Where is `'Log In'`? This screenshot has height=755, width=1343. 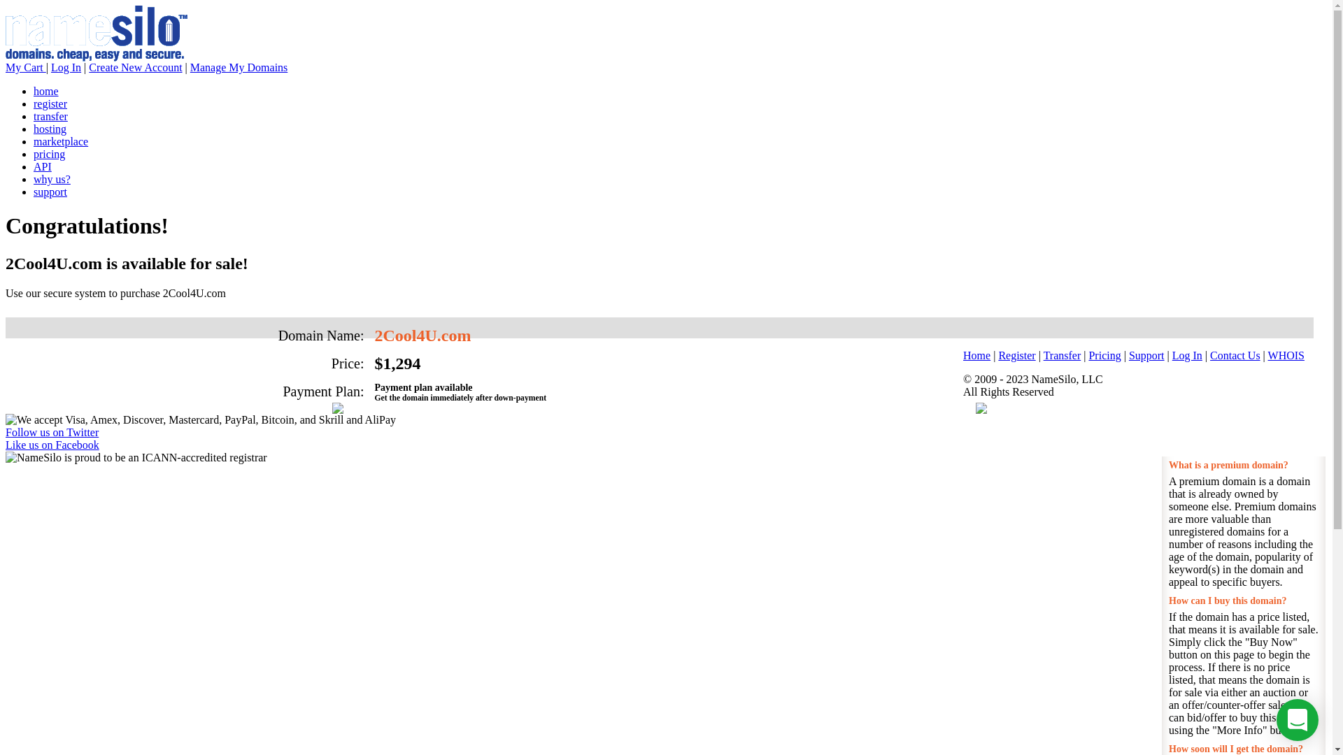 'Log In' is located at coordinates (1186, 354).